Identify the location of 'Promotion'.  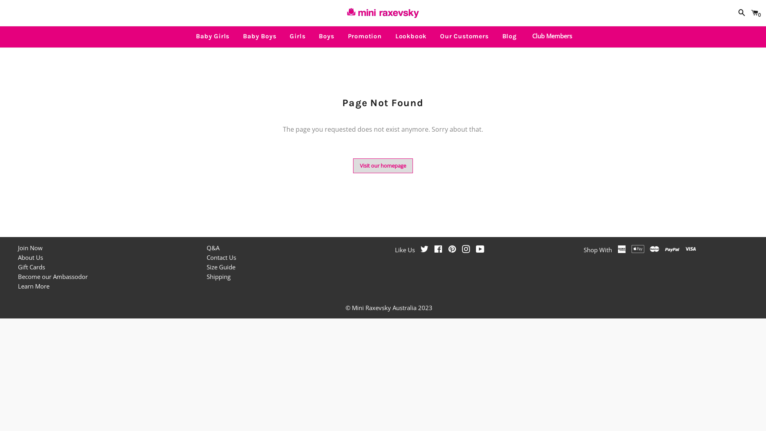
(364, 36).